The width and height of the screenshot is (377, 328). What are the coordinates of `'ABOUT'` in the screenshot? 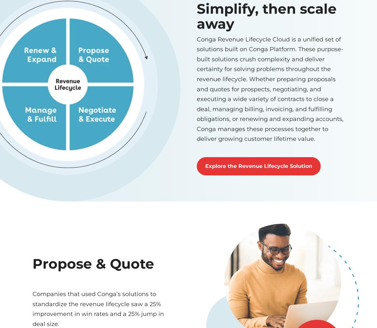 It's located at (254, 146).